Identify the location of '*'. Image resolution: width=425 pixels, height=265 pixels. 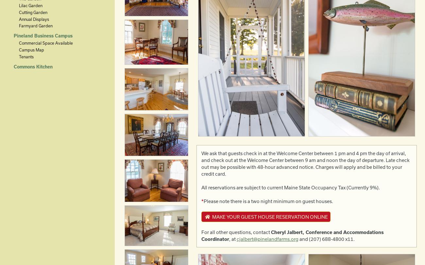
(202, 201).